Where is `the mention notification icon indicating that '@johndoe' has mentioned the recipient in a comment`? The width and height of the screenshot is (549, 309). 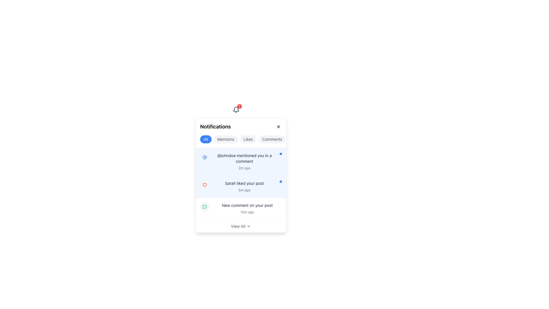
the mention notification icon indicating that '@johndoe' has mentioned the recipient in a comment is located at coordinates (204, 157).